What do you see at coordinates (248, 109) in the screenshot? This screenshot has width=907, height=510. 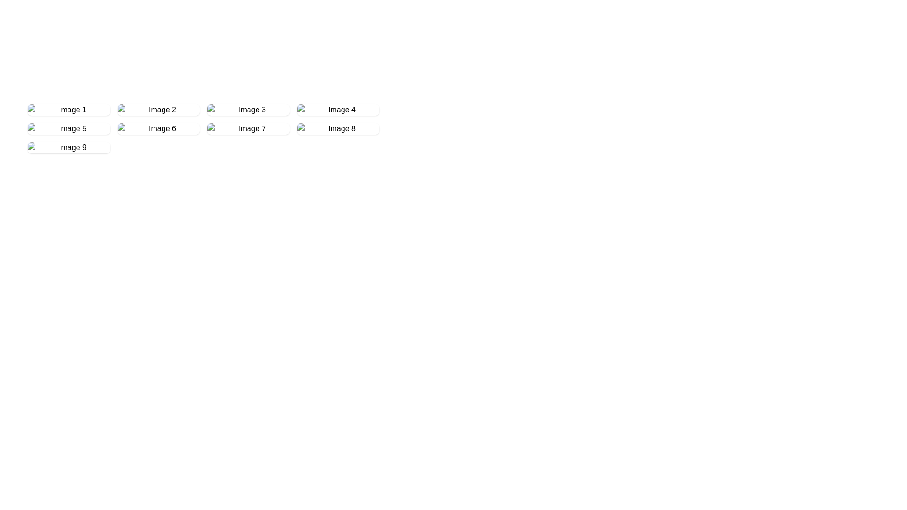 I see `the Image Card labeled 'Image 3', which is the third item in the first row of the grid layout` at bounding box center [248, 109].